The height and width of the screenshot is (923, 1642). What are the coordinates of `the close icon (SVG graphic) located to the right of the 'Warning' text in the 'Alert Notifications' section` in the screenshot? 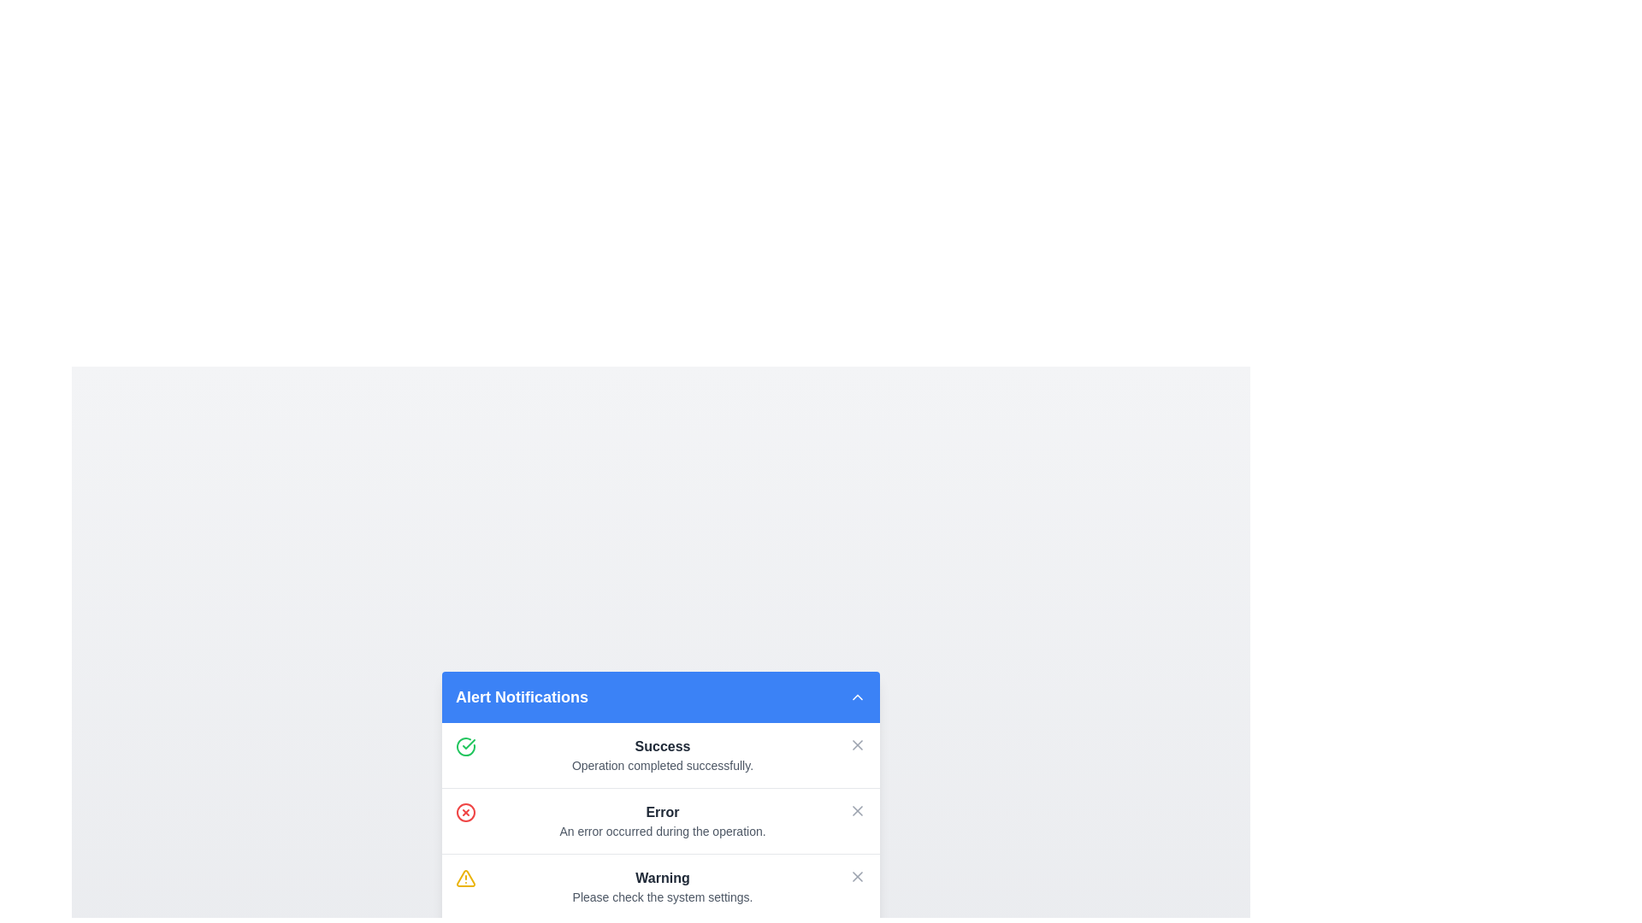 It's located at (858, 876).